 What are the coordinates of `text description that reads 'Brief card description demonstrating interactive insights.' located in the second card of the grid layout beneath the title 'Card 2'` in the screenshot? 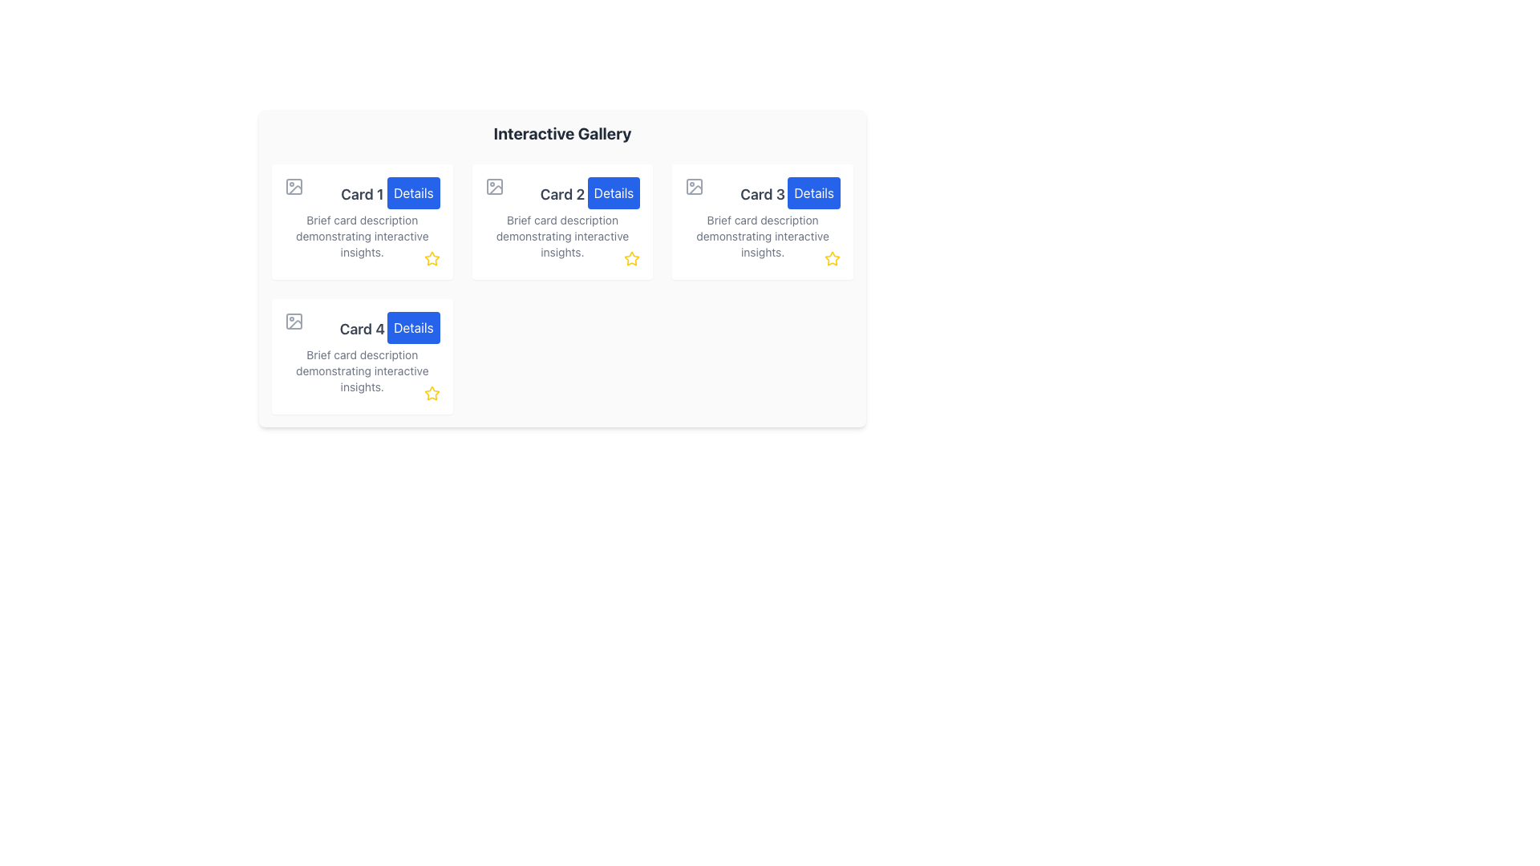 It's located at (562, 236).